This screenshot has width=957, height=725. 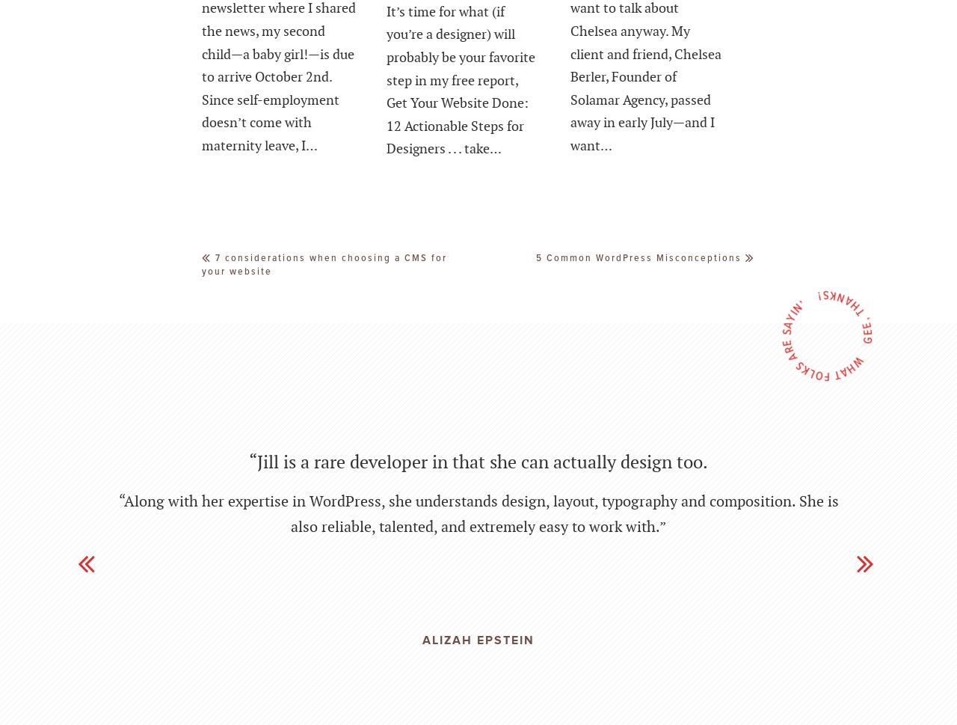 I want to click on '“Equally talented designer, as well as web developer, Jill has become an integral part of every project I've launched.', so click(x=477, y=467).